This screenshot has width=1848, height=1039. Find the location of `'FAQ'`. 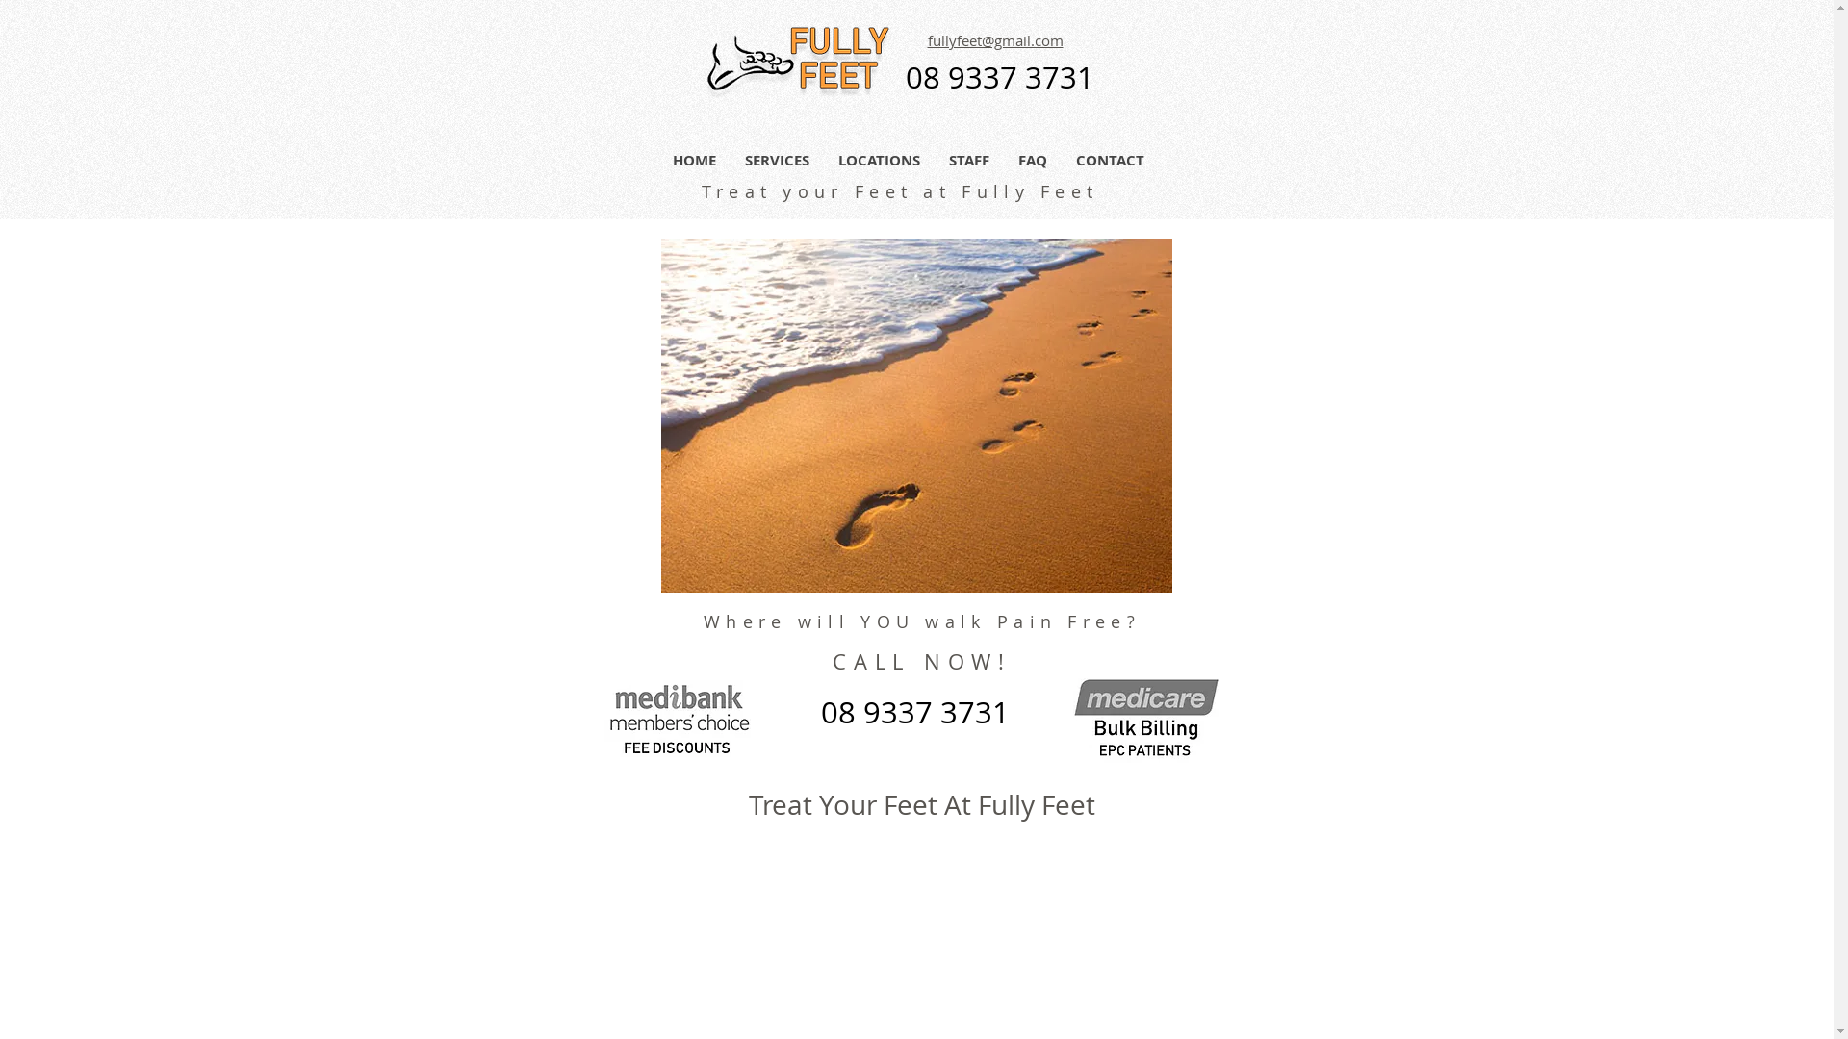

'FAQ' is located at coordinates (1030, 159).